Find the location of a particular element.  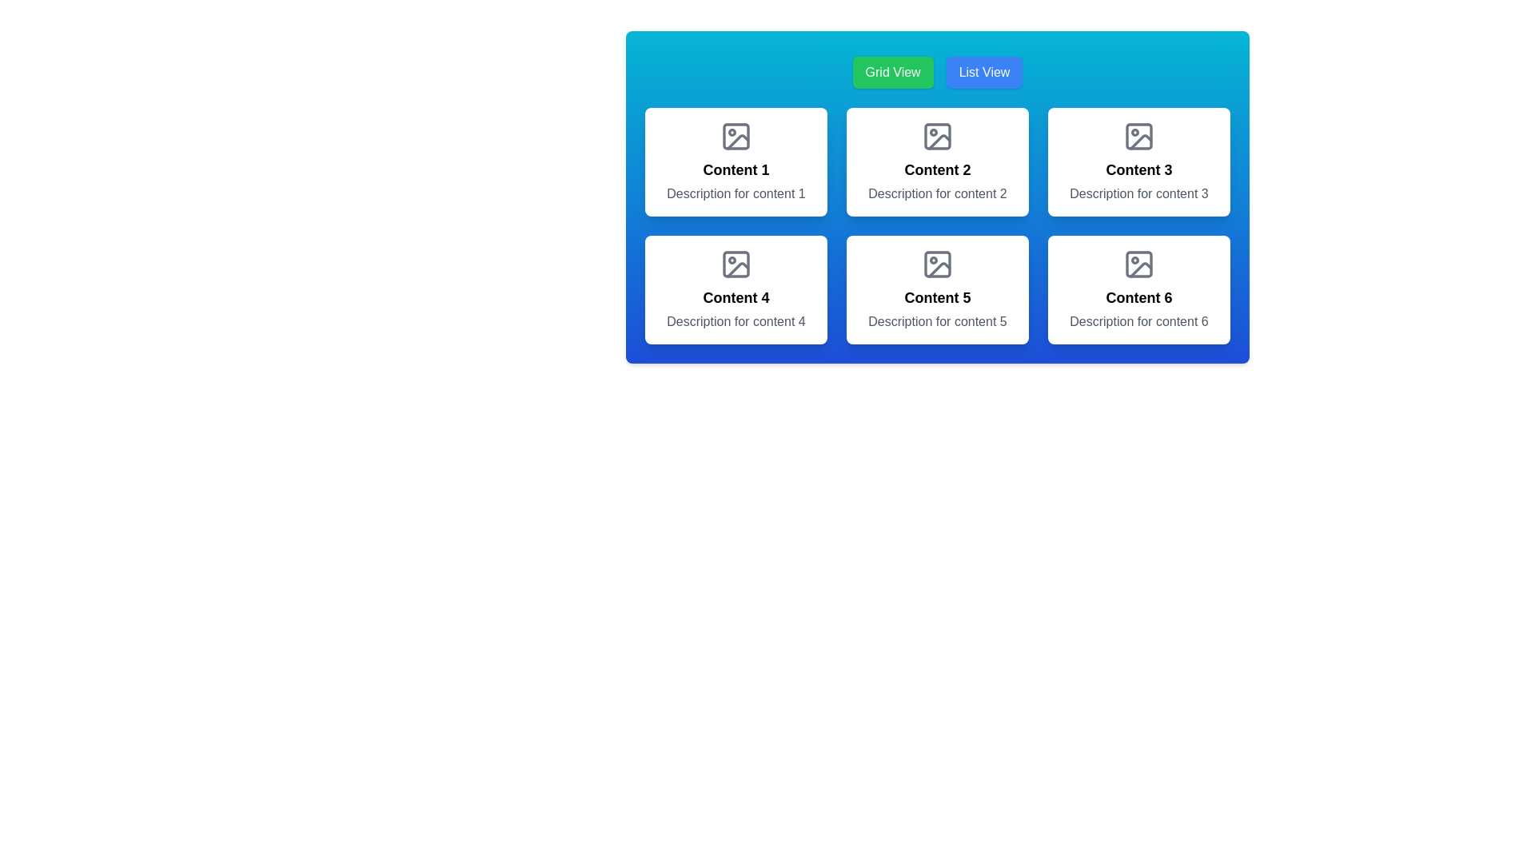

displayed text of the bold text label showing 'Content 5', which is located in the second row, second column of the grid layout is located at coordinates (937, 298).